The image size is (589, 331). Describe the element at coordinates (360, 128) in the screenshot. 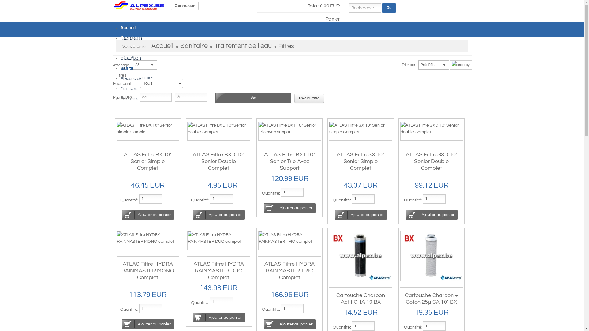

I see `'ATLAS Filtre SX 10" Senior simple Complet'` at that location.